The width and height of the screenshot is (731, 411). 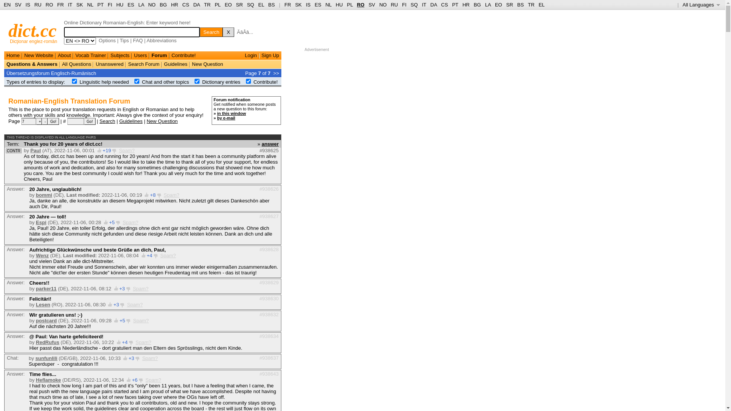 What do you see at coordinates (269, 216) in the screenshot?
I see `'#938627'` at bounding box center [269, 216].